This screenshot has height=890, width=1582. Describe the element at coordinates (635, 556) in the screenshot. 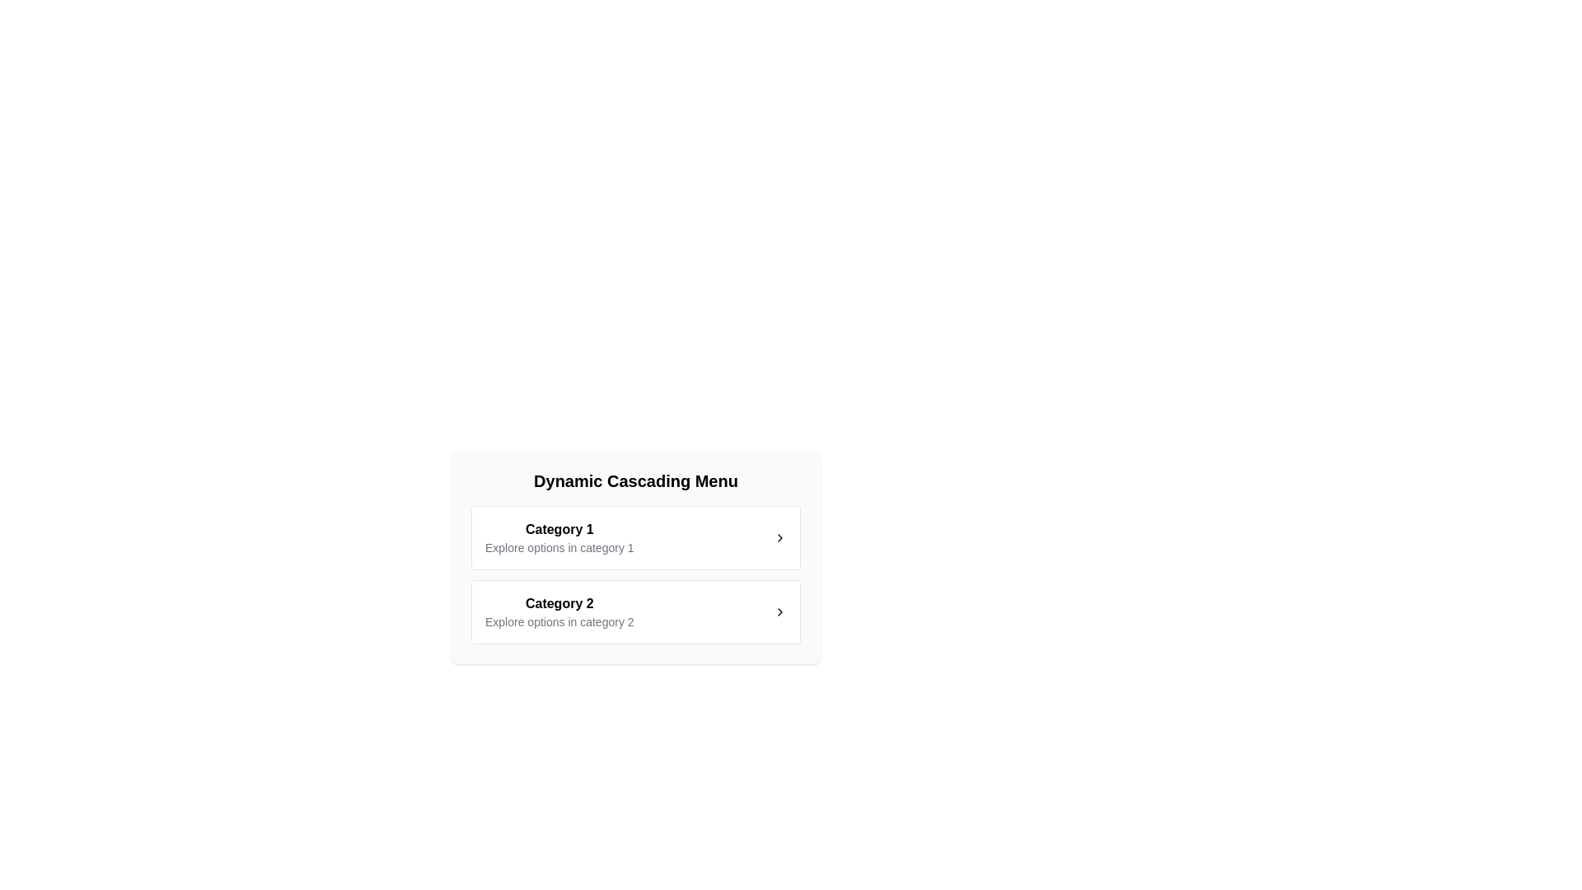

I see `the 'Category 1' interactive menu option, which is the first item in the vertically stacked list within the 'Dynamic Cascading Menu' card layout` at that location.